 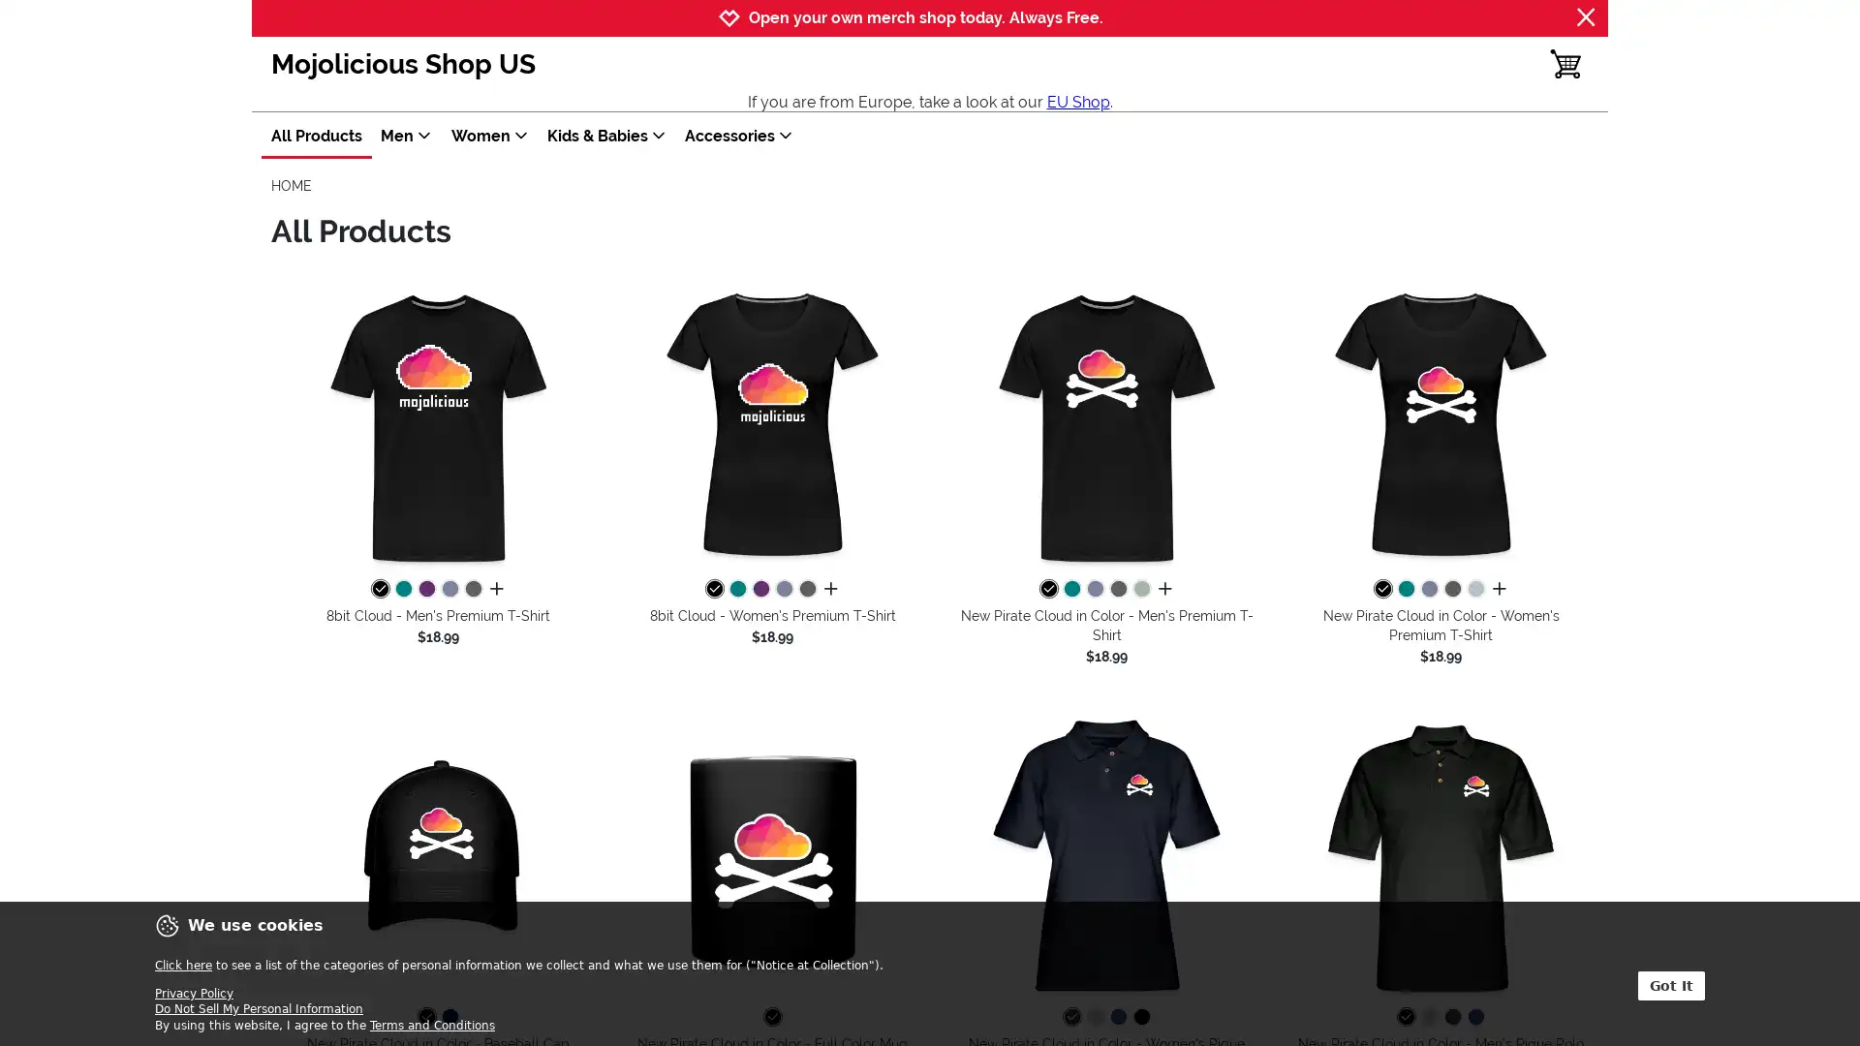 What do you see at coordinates (1140, 589) in the screenshot?
I see `steel green` at bounding box center [1140, 589].